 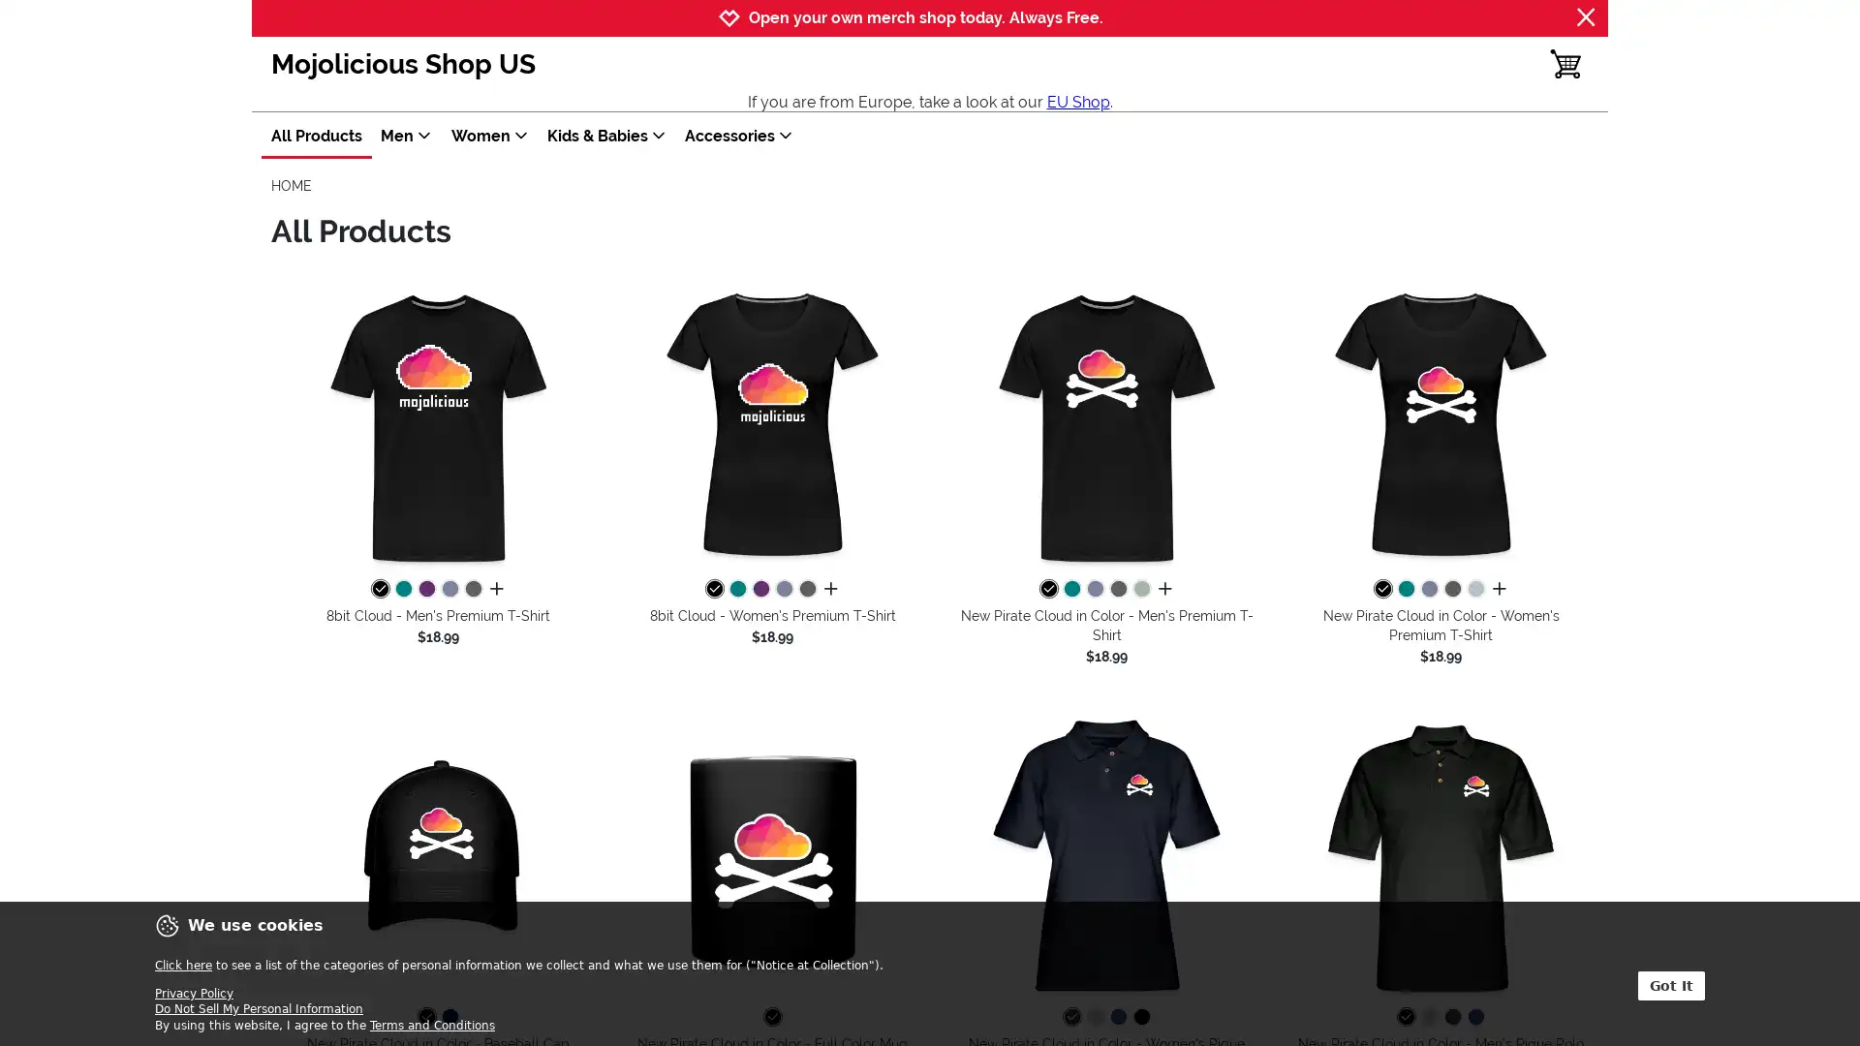 What do you see at coordinates (1140, 589) in the screenshot?
I see `steel green` at bounding box center [1140, 589].